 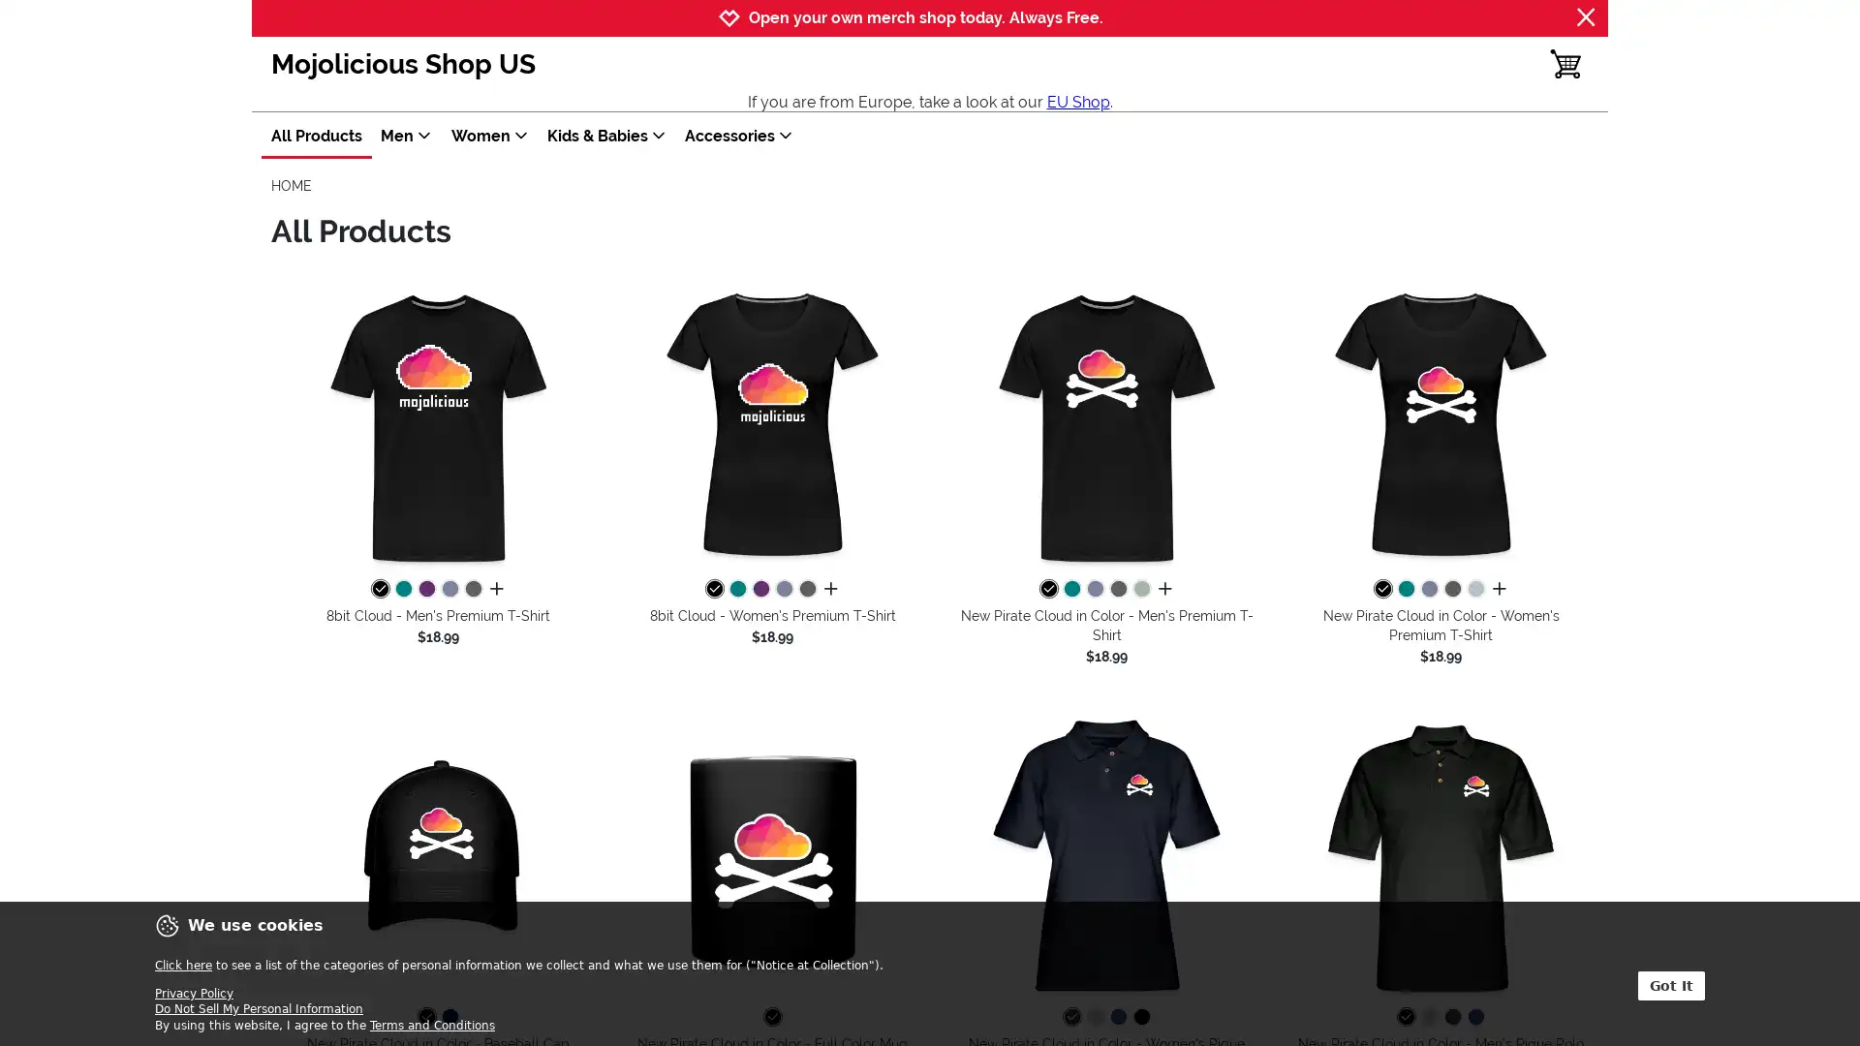 What do you see at coordinates (1140, 589) in the screenshot?
I see `steel green` at bounding box center [1140, 589].